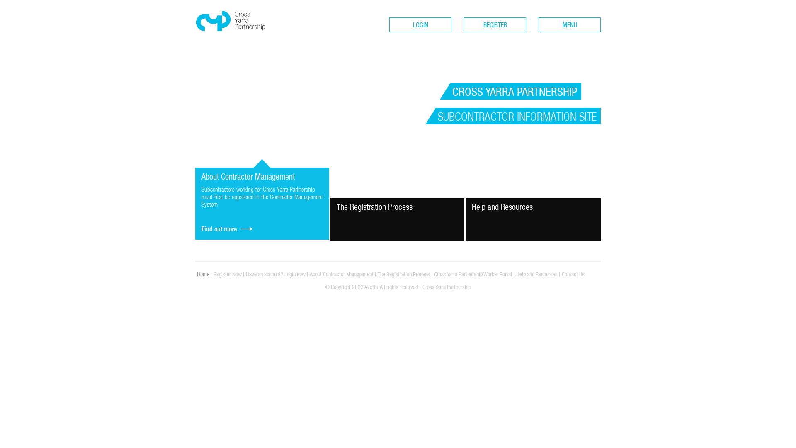  What do you see at coordinates (420, 24) in the screenshot?
I see `'LOGIN'` at bounding box center [420, 24].